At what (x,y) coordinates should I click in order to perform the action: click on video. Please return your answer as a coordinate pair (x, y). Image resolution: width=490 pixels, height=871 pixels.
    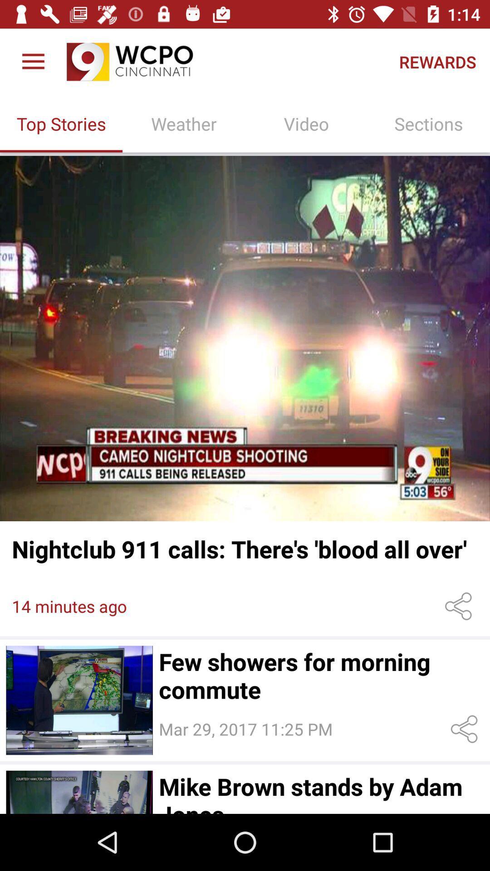
    Looking at the image, I should click on (245, 338).